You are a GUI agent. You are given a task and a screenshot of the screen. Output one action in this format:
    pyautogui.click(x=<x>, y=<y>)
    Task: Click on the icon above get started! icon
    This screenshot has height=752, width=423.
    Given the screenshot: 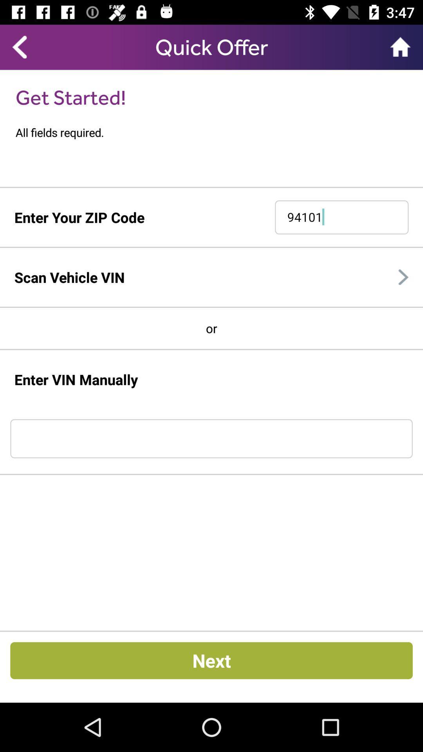 What is the action you would take?
    pyautogui.click(x=19, y=47)
    